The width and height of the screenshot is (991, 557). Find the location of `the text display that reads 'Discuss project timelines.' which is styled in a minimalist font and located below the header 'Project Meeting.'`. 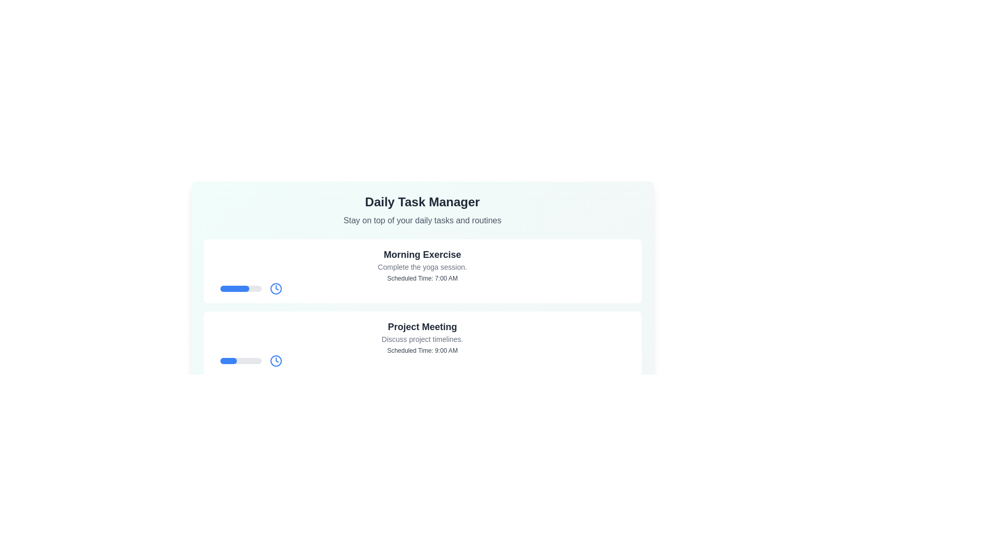

the text display that reads 'Discuss project timelines.' which is styled in a minimalist font and located below the header 'Project Meeting.' is located at coordinates (422, 339).